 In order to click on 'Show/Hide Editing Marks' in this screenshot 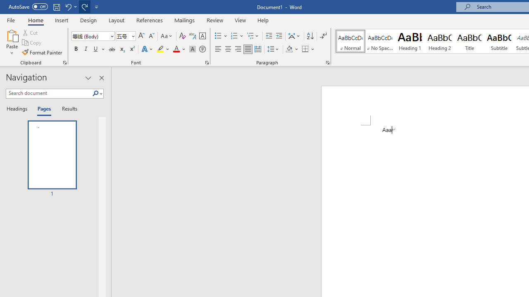, I will do `click(323, 35)`.